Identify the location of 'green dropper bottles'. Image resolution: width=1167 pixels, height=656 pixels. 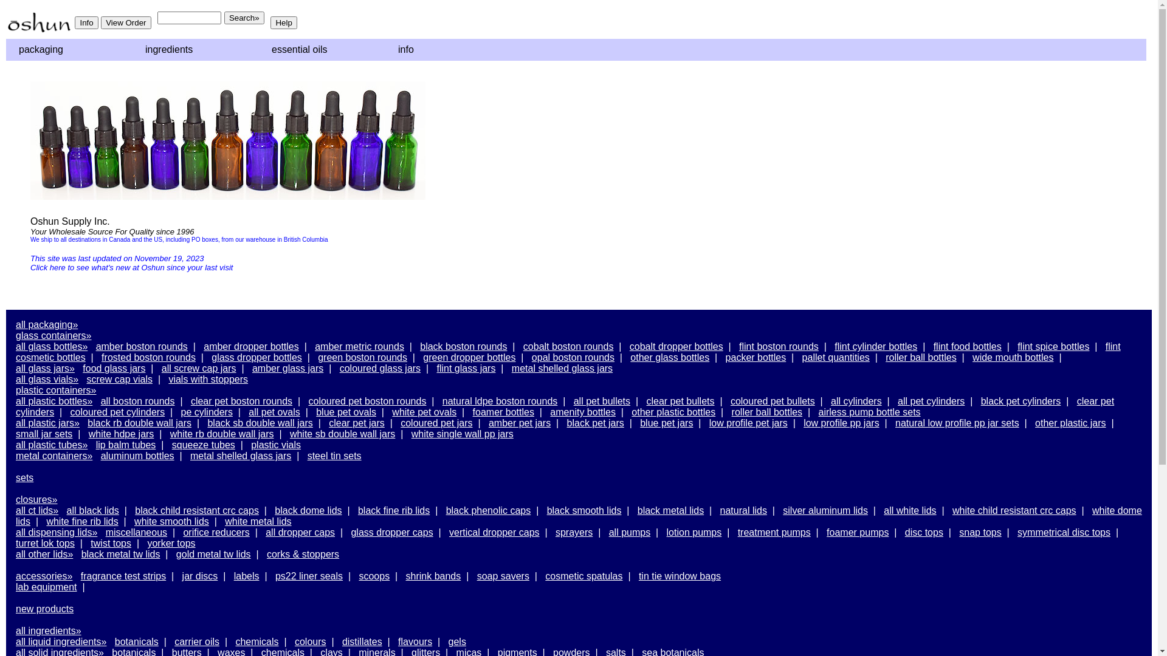
(469, 357).